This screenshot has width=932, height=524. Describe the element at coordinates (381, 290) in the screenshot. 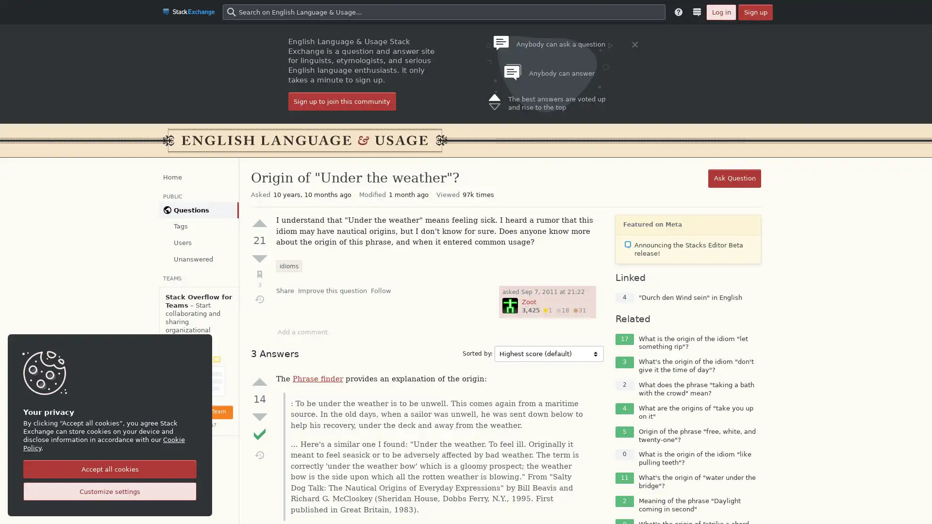

I see `Follow` at that location.